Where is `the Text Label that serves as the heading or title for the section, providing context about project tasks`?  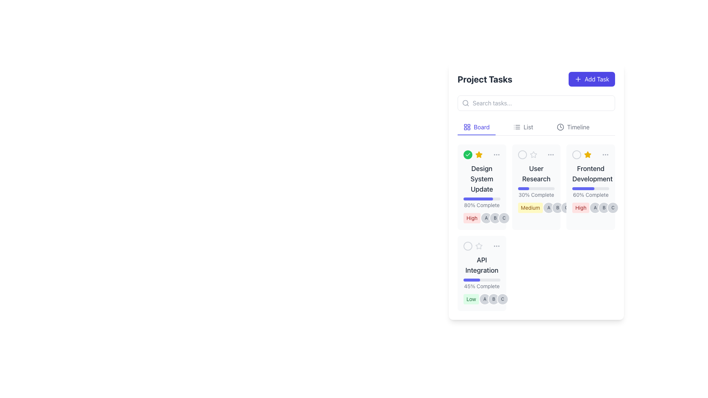 the Text Label that serves as the heading or title for the section, providing context about project tasks is located at coordinates (485, 79).